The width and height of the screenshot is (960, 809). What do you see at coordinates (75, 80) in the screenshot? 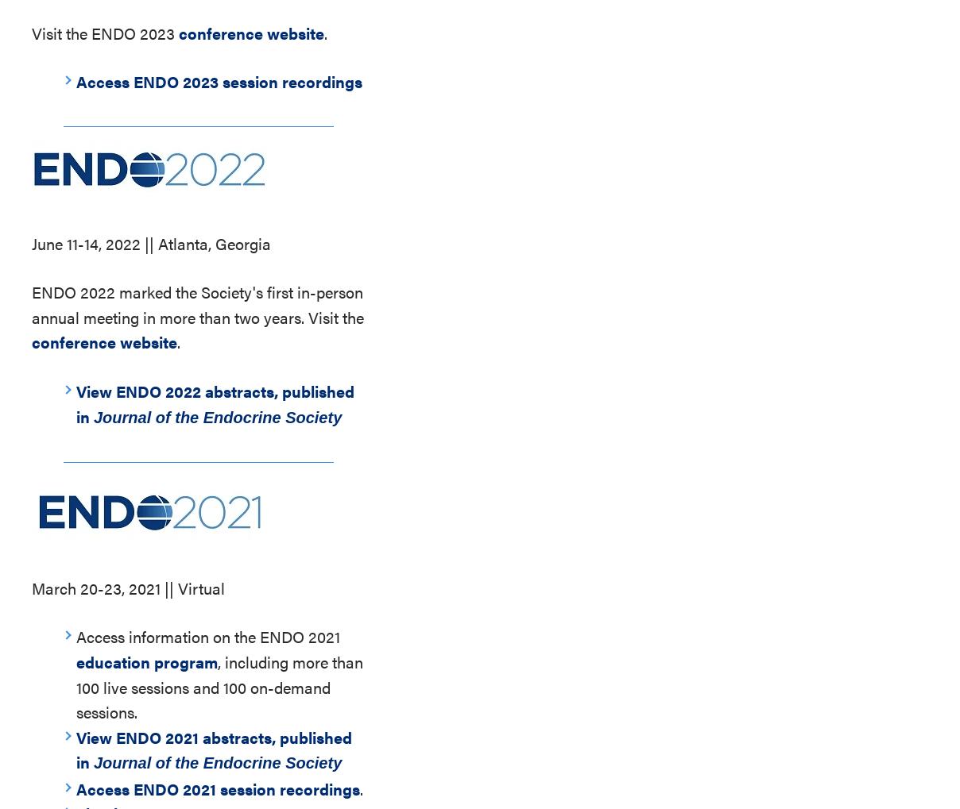
I see `'Access ENDO 2023 session recordings'` at bounding box center [75, 80].